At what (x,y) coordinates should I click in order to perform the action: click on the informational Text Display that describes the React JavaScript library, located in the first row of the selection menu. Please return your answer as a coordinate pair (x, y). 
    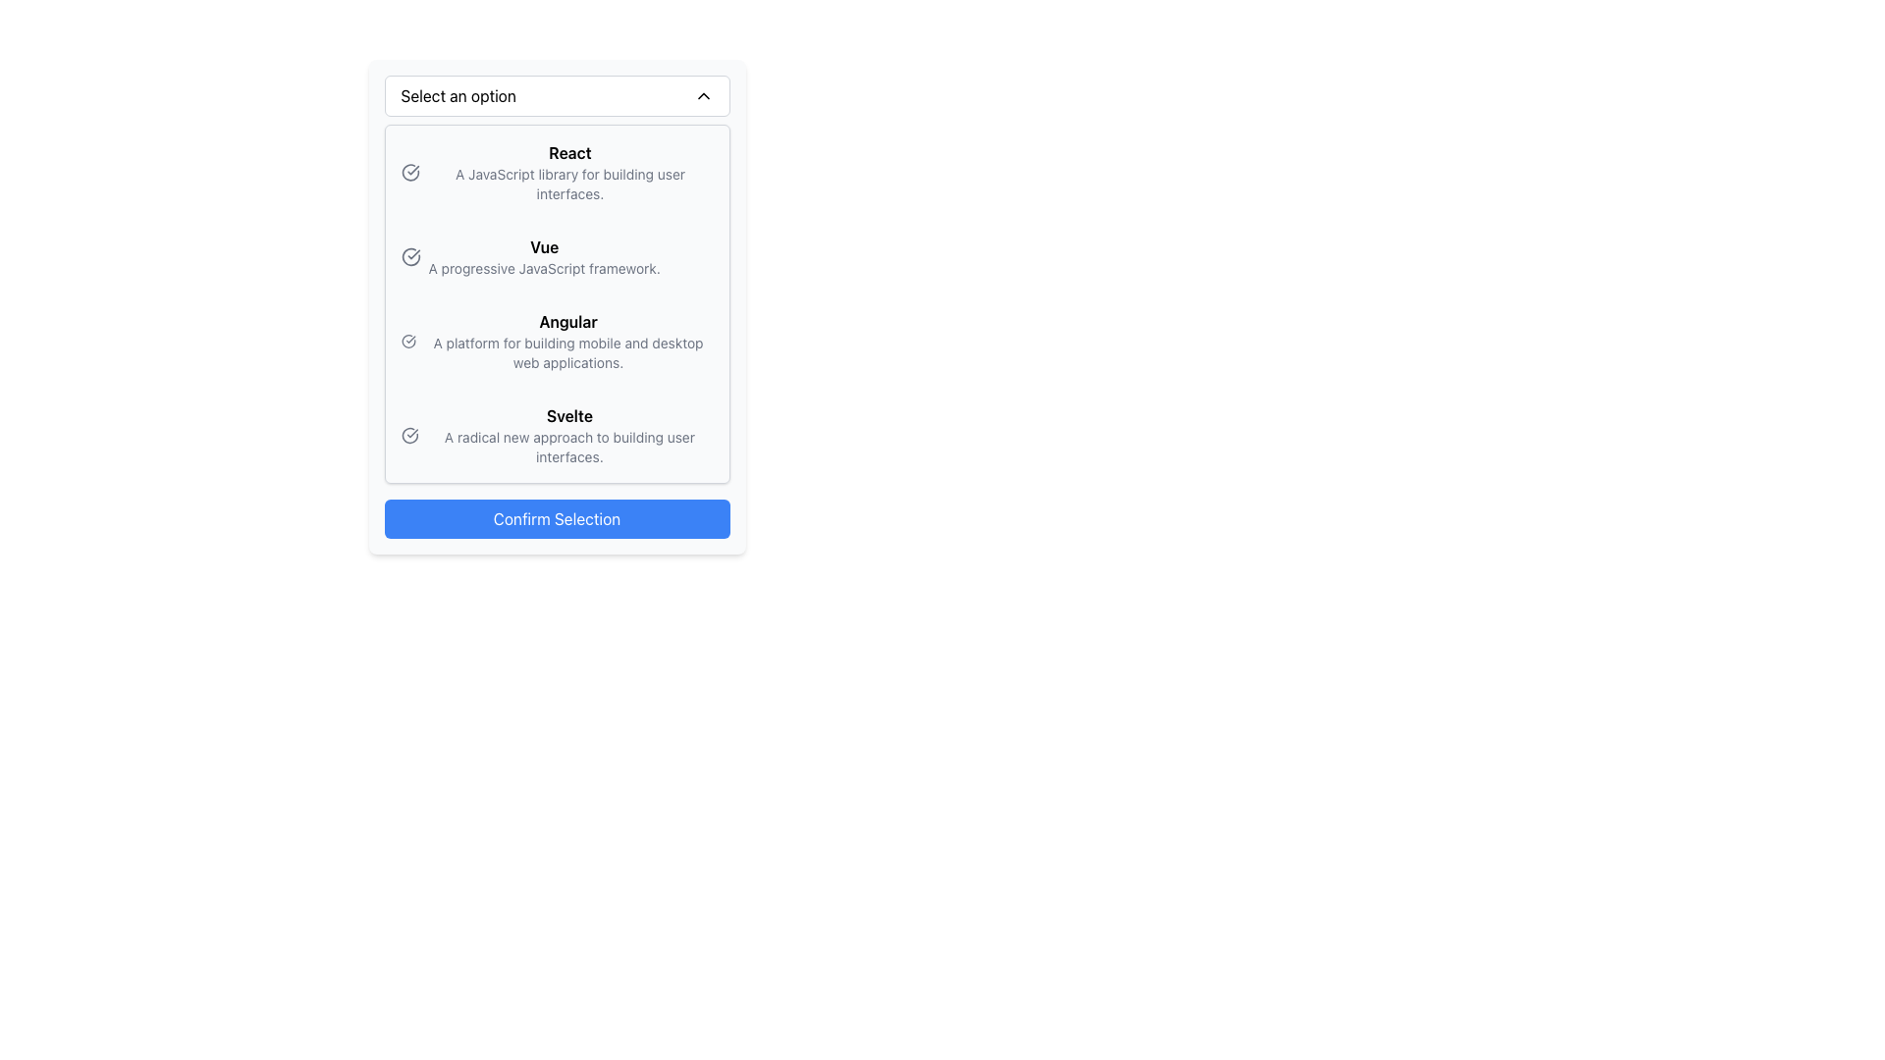
    Looking at the image, I should click on (568, 172).